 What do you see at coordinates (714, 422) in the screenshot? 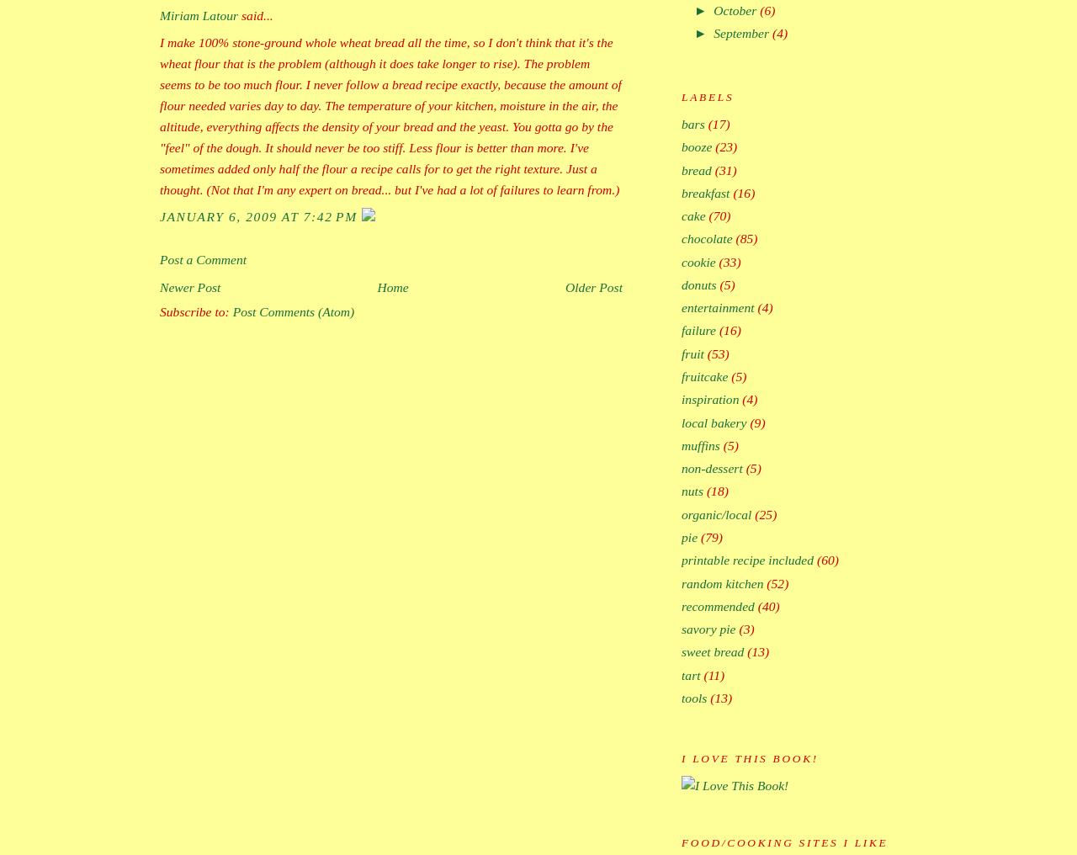
I see `'local bakery'` at bounding box center [714, 422].